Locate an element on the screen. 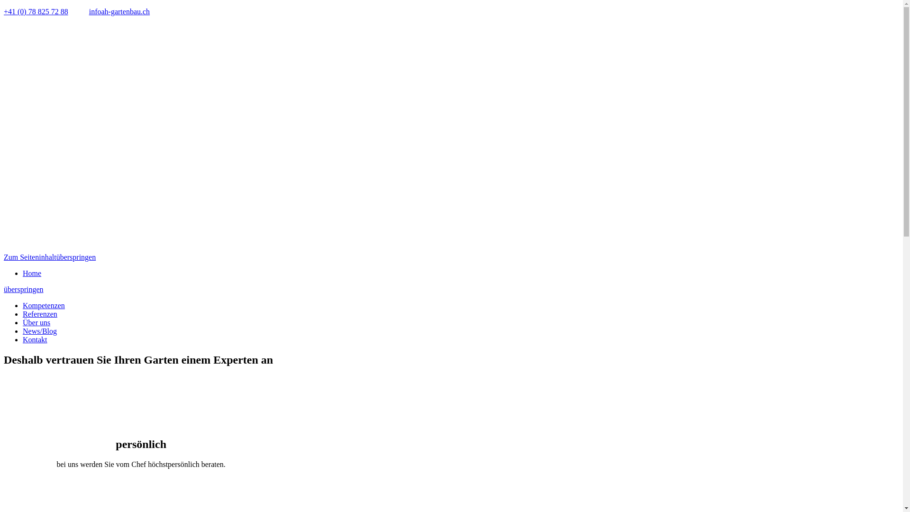  'News/Blog' is located at coordinates (39, 330).